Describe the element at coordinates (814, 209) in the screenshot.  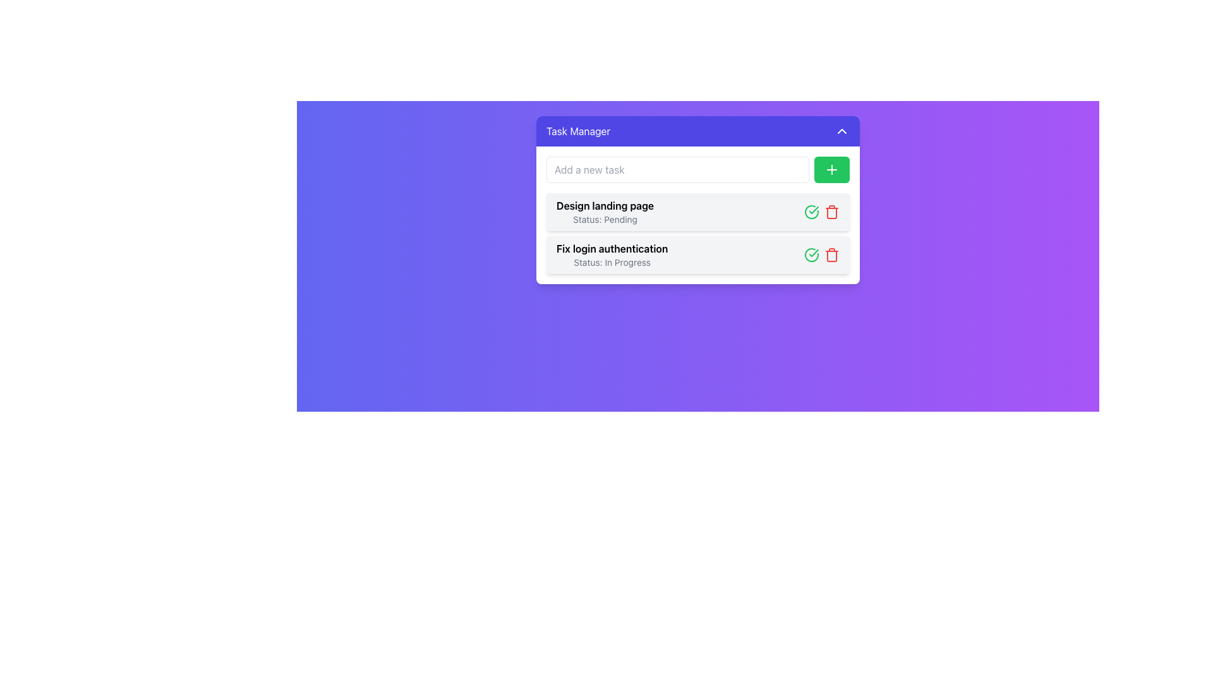
I see `the green checkmark icon located on the far right of the 'Fix login authentication' task row` at that location.